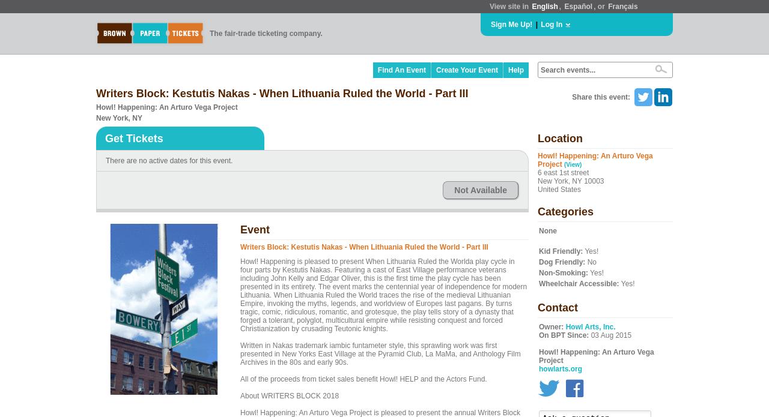  I want to click on '6 east 1st street', so click(562, 173).